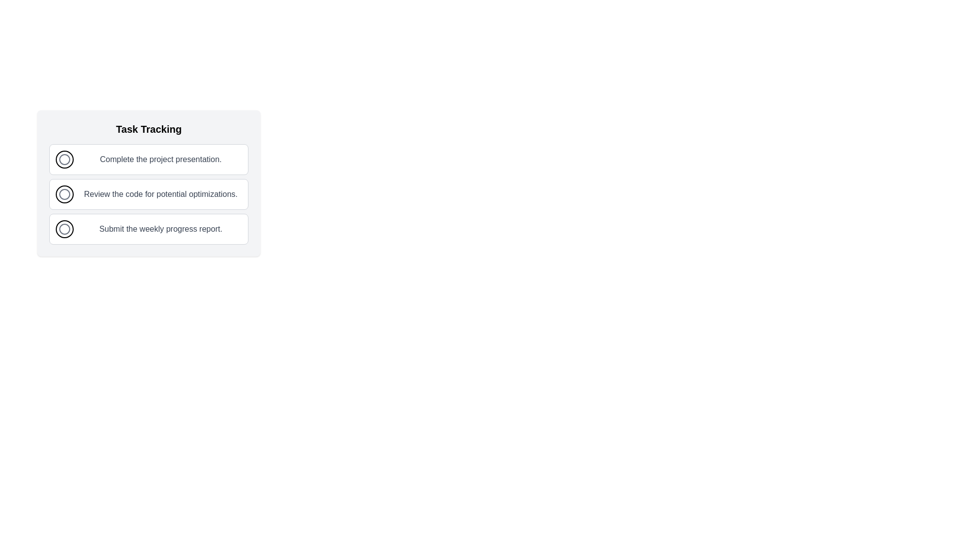 This screenshot has height=537, width=956. What do you see at coordinates (64, 159) in the screenshot?
I see `the first circular graphical icon with a thin stroke line, located within the 'Task Tracking' card, adjacent to the text 'Complete the project presentation'` at bounding box center [64, 159].